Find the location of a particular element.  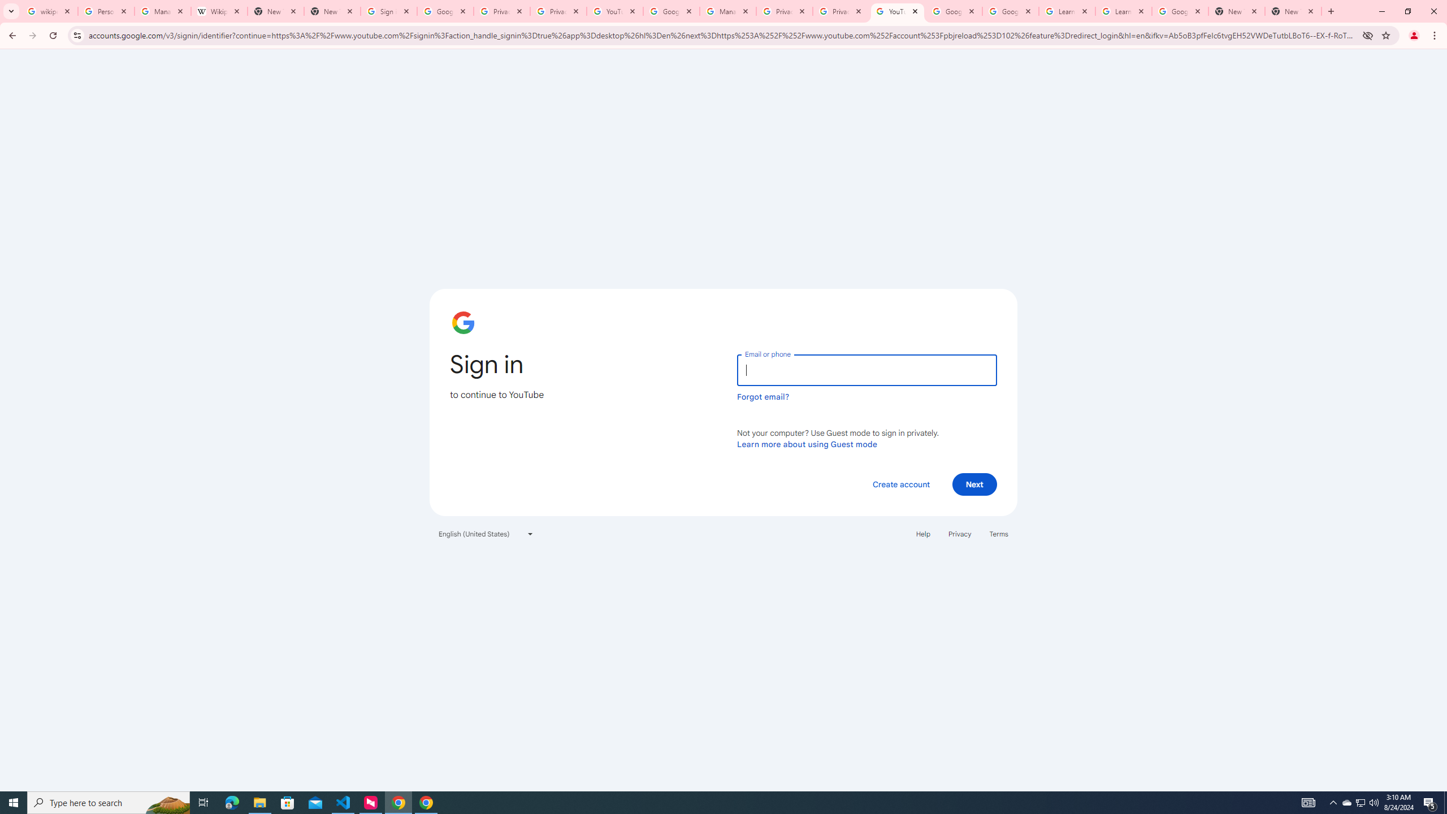

'English (United States)' is located at coordinates (486, 532).